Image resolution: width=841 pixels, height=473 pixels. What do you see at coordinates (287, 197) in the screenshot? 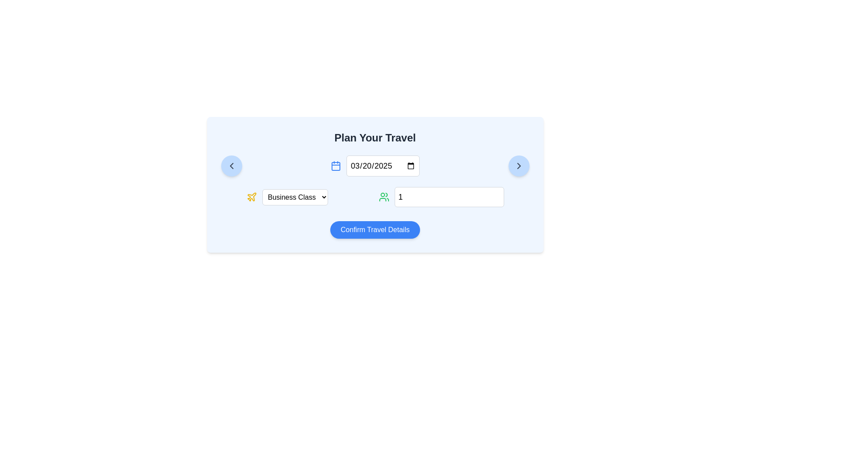
I see `the dropdown menu with an icon label that allows users` at bounding box center [287, 197].